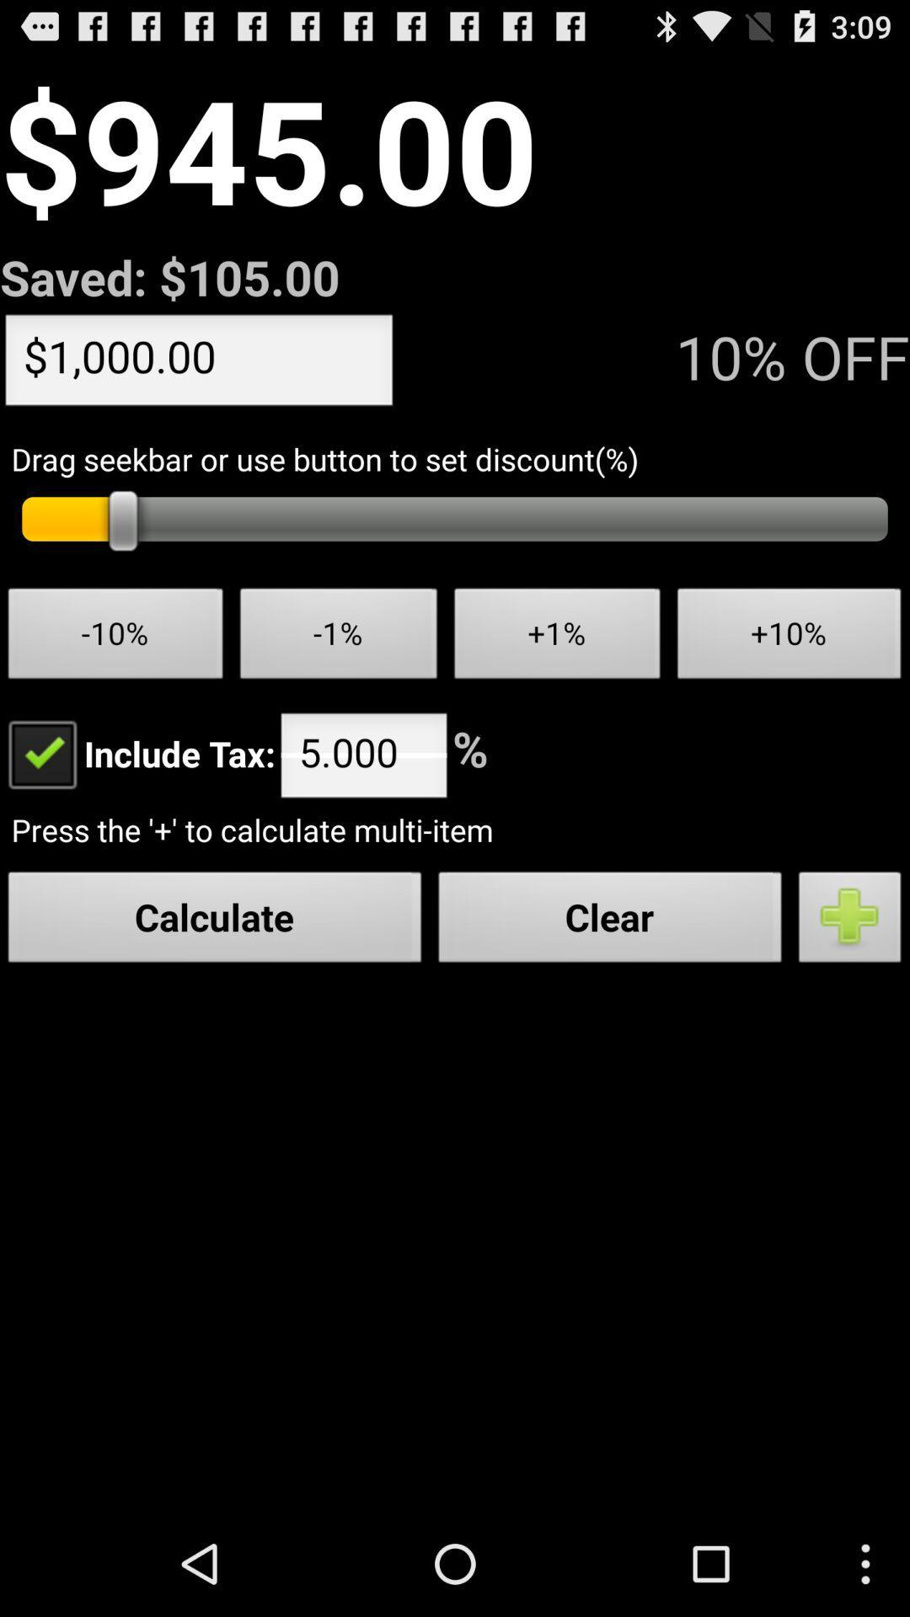 Image resolution: width=910 pixels, height=1617 pixels. Describe the element at coordinates (850, 921) in the screenshot. I see `the app below press the to item` at that location.